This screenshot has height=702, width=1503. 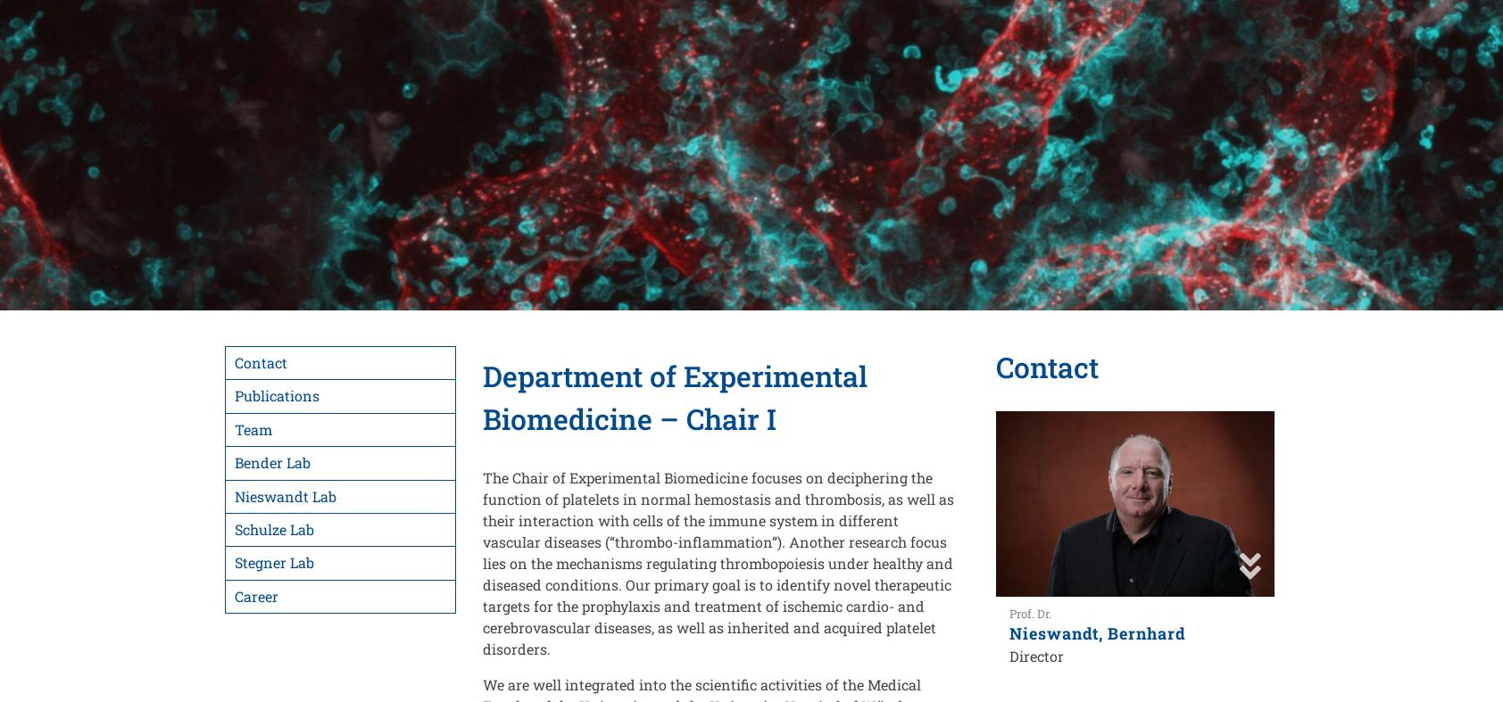 What do you see at coordinates (285, 494) in the screenshot?
I see `'Nieswandt Lab'` at bounding box center [285, 494].